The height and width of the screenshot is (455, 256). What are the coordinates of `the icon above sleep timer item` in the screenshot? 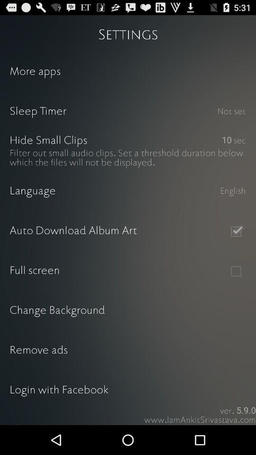 It's located at (128, 72).